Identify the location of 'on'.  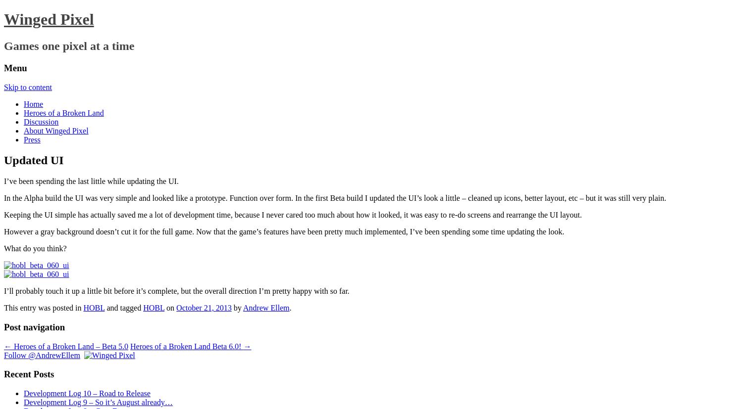
(169, 307).